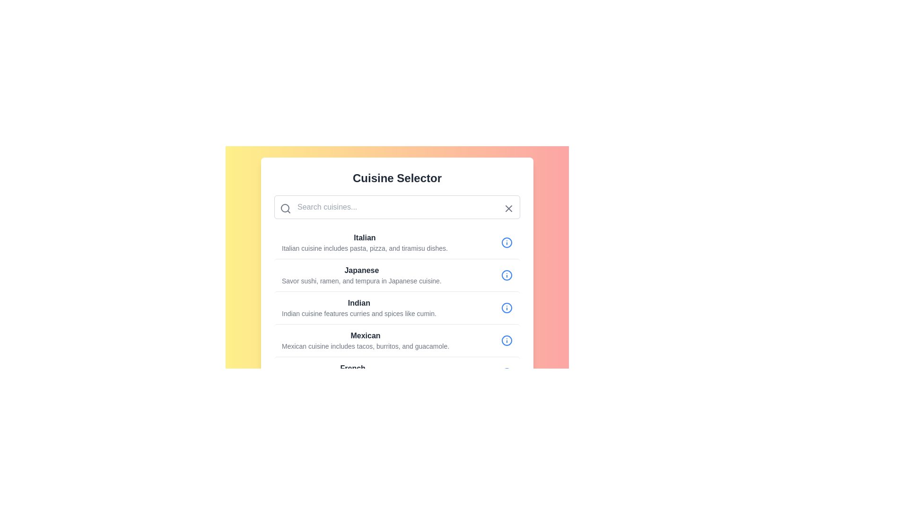  I want to click on to select or interact with the last item in the list that displays information about French cuisine, so click(397, 372).